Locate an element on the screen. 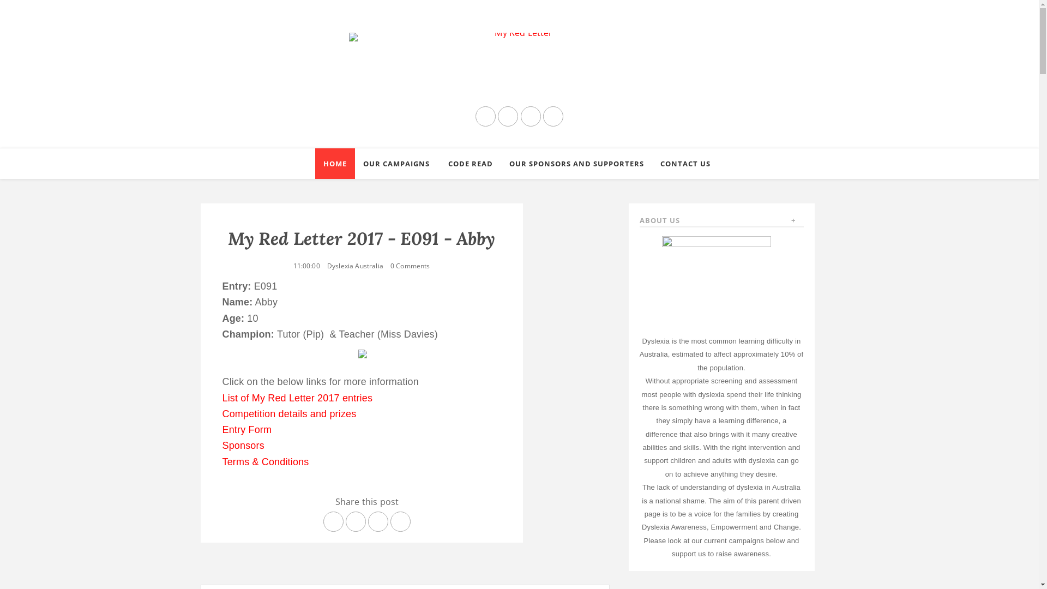  'Terms & Conditions' is located at coordinates (266, 462).